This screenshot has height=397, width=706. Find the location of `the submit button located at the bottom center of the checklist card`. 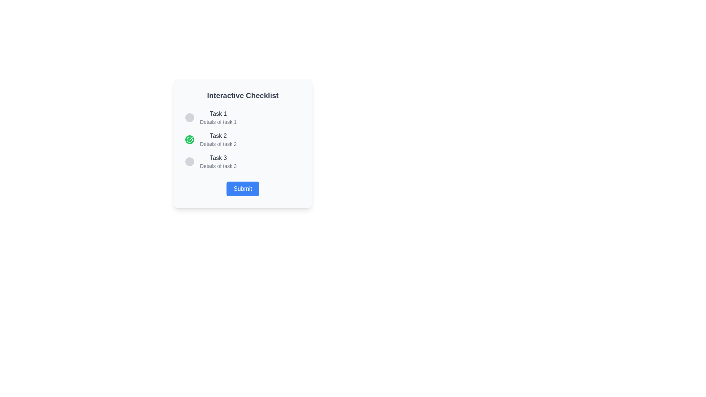

the submit button located at the bottom center of the checklist card is located at coordinates (243, 188).